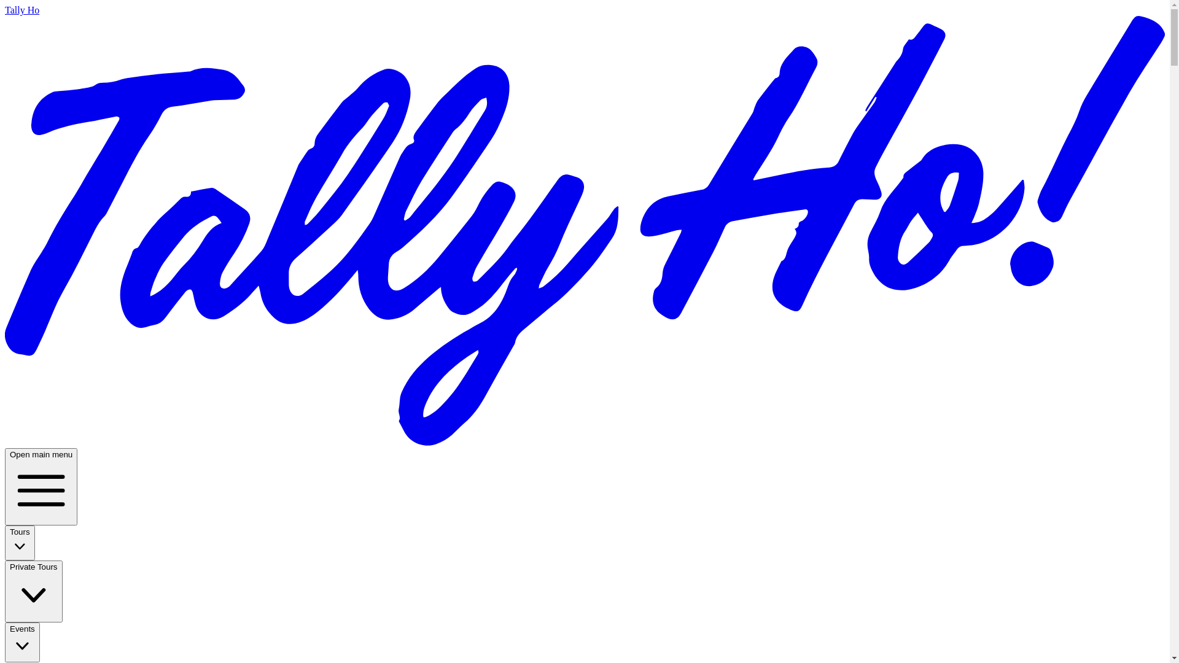  Describe the element at coordinates (20, 542) in the screenshot. I see `'Tours'` at that location.